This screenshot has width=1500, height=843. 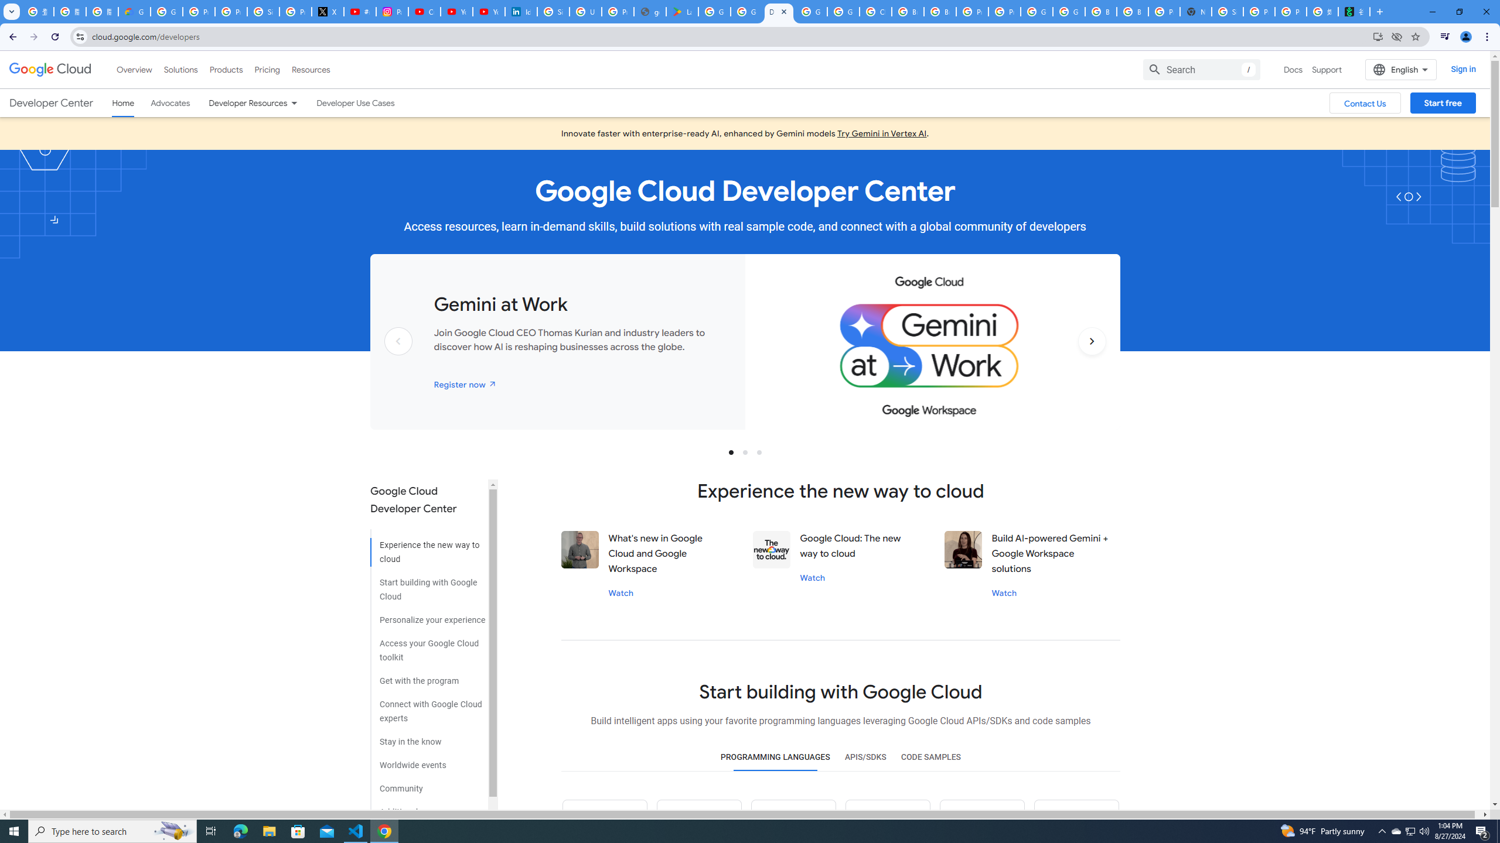 I want to click on 'Slide 2', so click(x=745, y=451).